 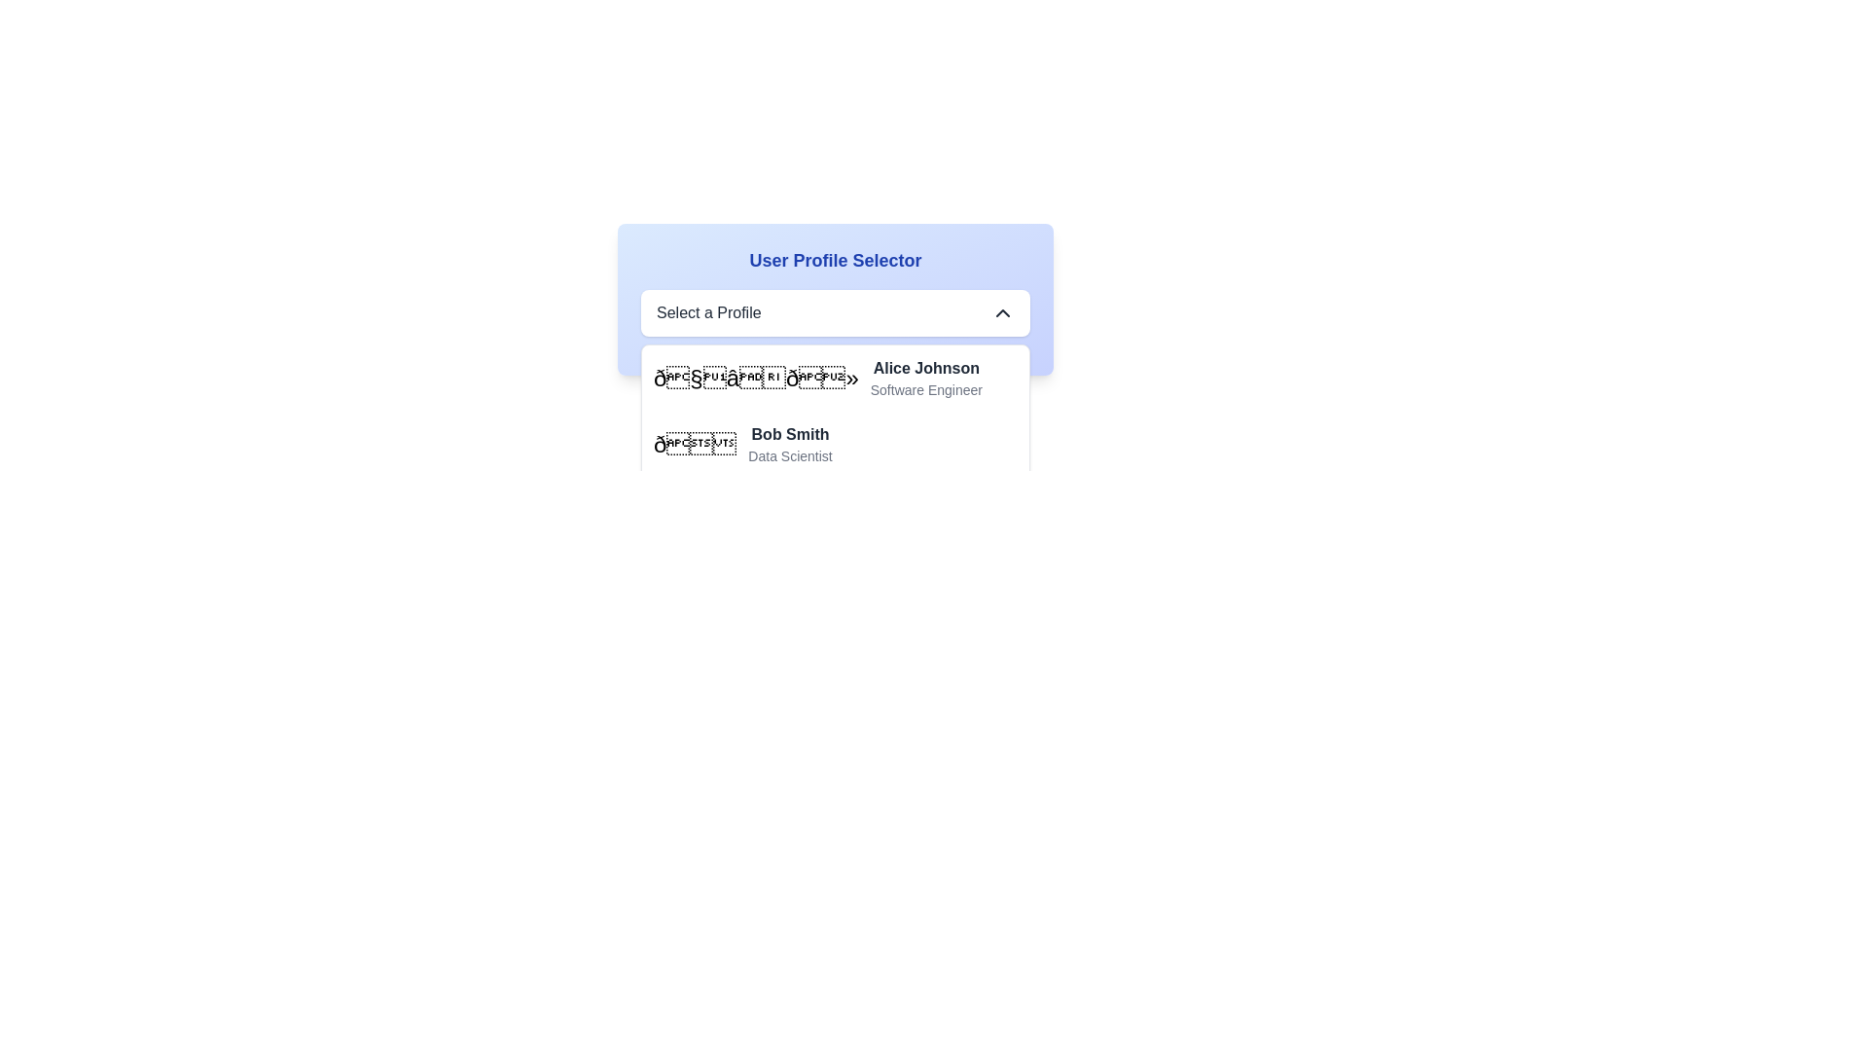 What do you see at coordinates (790, 456) in the screenshot?
I see `the 'Data Scientist' text label, which is styled in a smaller and lighter font and located beneath the name 'Bob Smith' in the user profile dropdown` at bounding box center [790, 456].